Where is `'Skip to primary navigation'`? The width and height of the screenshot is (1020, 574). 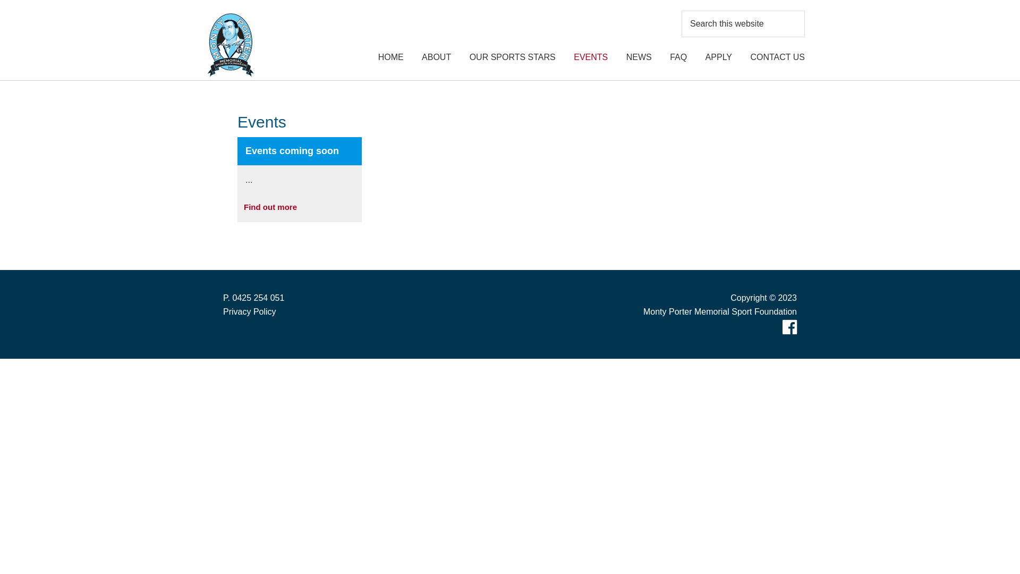
'Skip to primary navigation' is located at coordinates (0, 0).